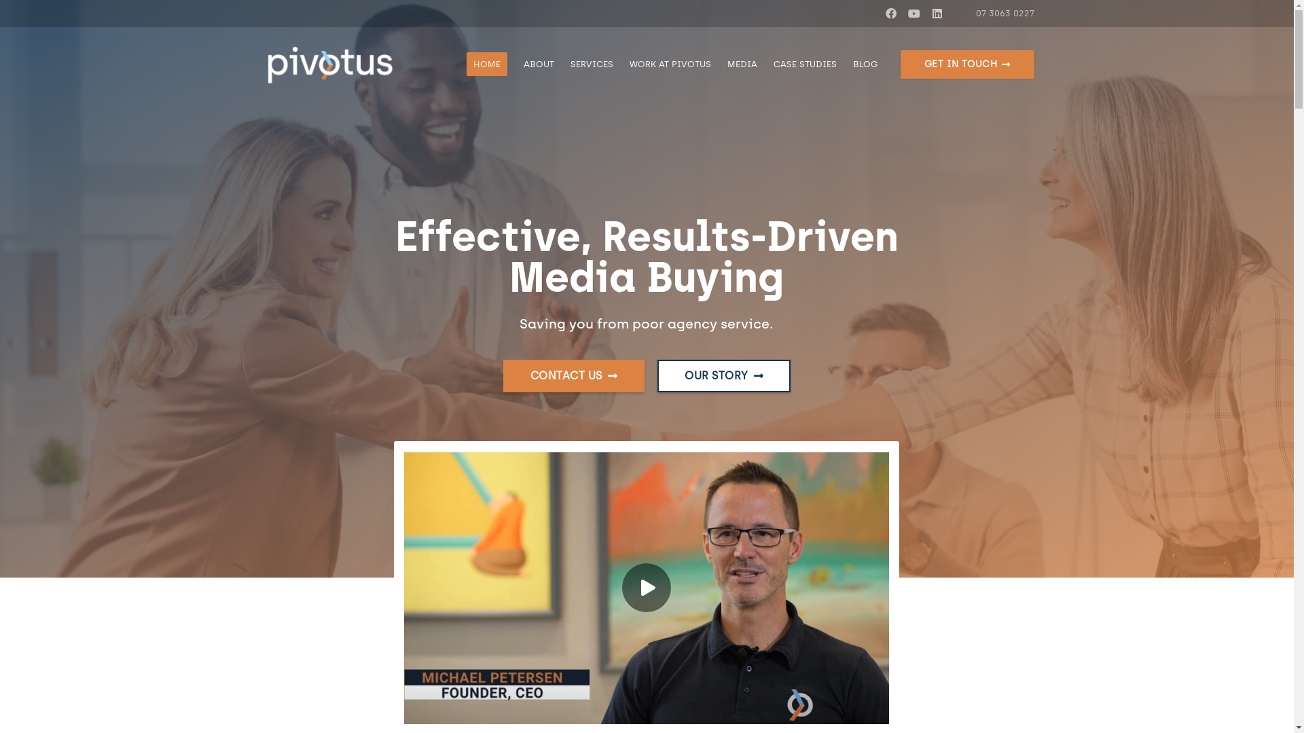  What do you see at coordinates (592, 64) in the screenshot?
I see `'SERVICES'` at bounding box center [592, 64].